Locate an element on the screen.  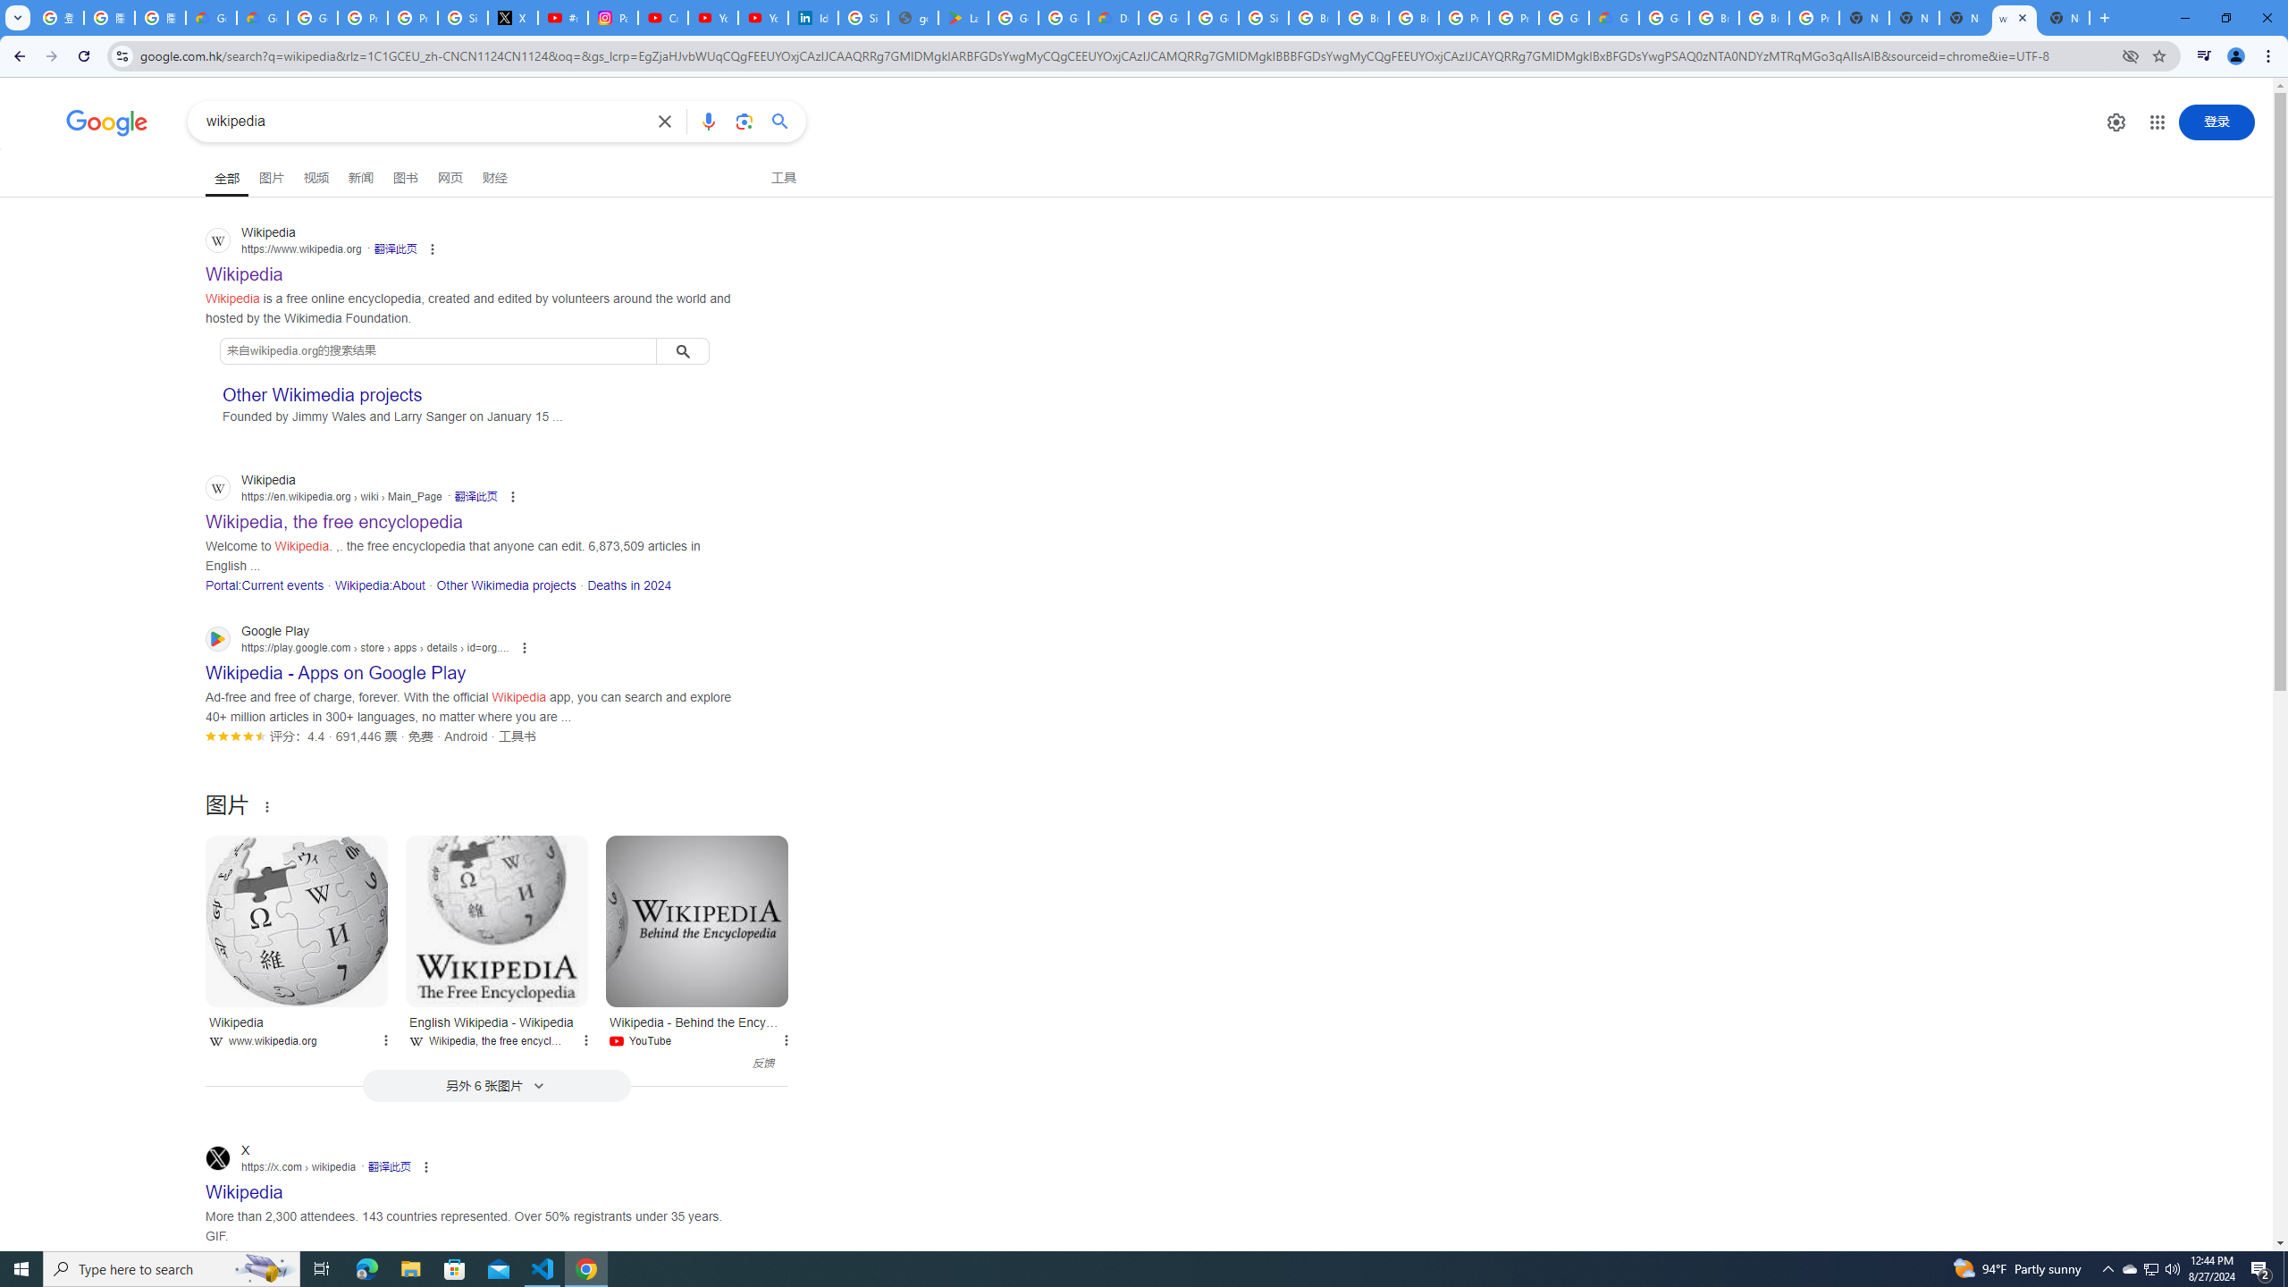
'Privacy Help Center - Policies Help' is located at coordinates (412, 17).